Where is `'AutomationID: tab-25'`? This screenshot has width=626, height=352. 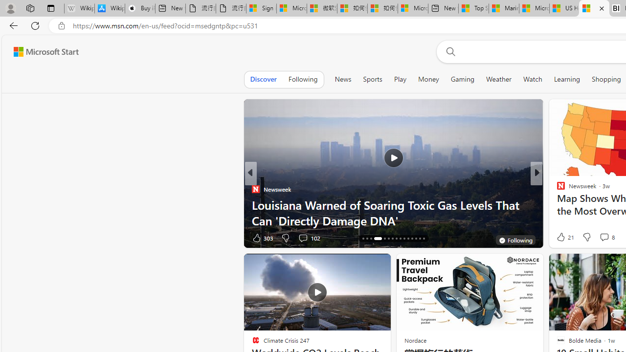
'AutomationID: tab-25' is located at coordinates (404, 239).